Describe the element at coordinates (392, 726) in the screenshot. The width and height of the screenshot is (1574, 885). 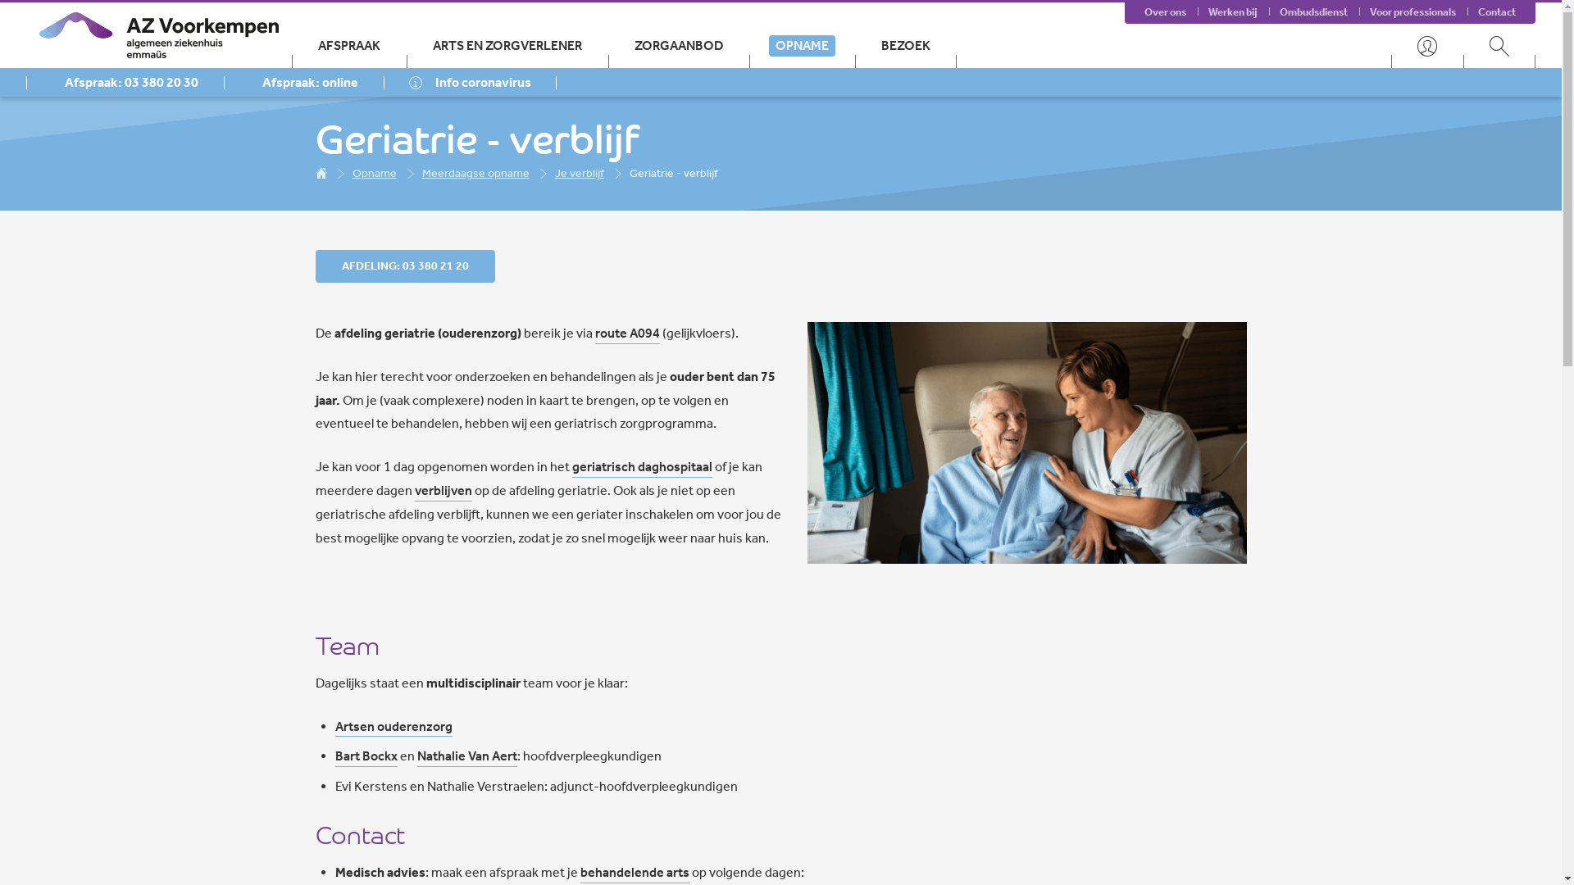
I see `'Artsen ouderenzorg'` at that location.